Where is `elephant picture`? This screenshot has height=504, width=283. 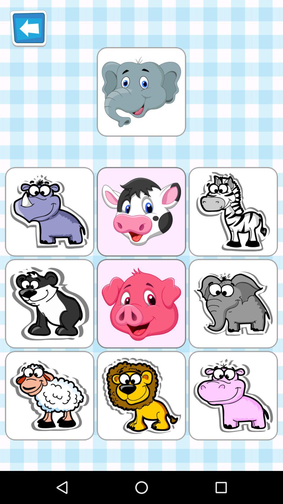
elephant picture is located at coordinates (141, 92).